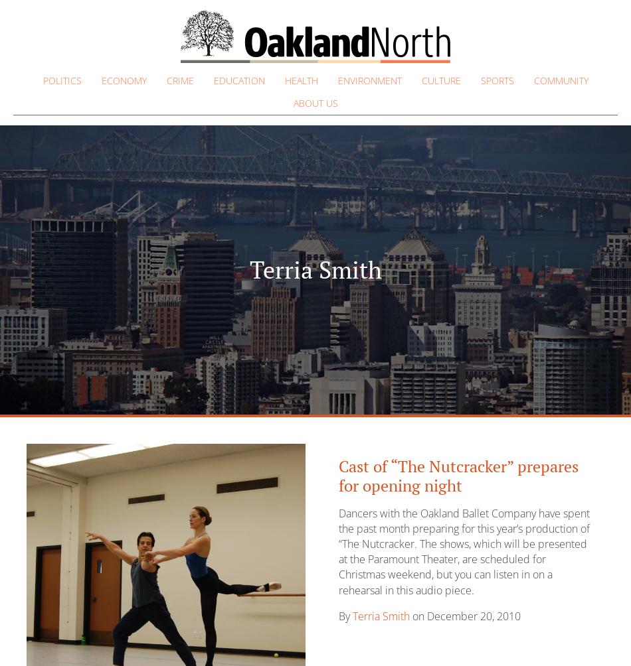 The image size is (631, 666). What do you see at coordinates (533, 80) in the screenshot?
I see `'Community'` at bounding box center [533, 80].